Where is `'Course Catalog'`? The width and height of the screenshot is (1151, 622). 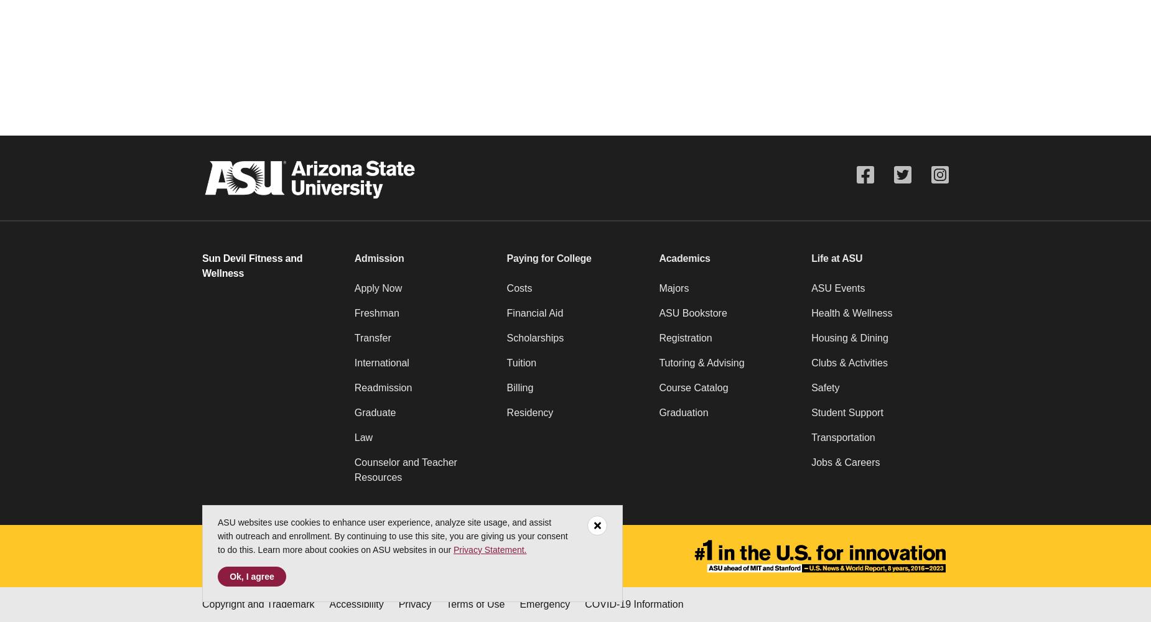 'Course Catalog' is located at coordinates (692, 387).